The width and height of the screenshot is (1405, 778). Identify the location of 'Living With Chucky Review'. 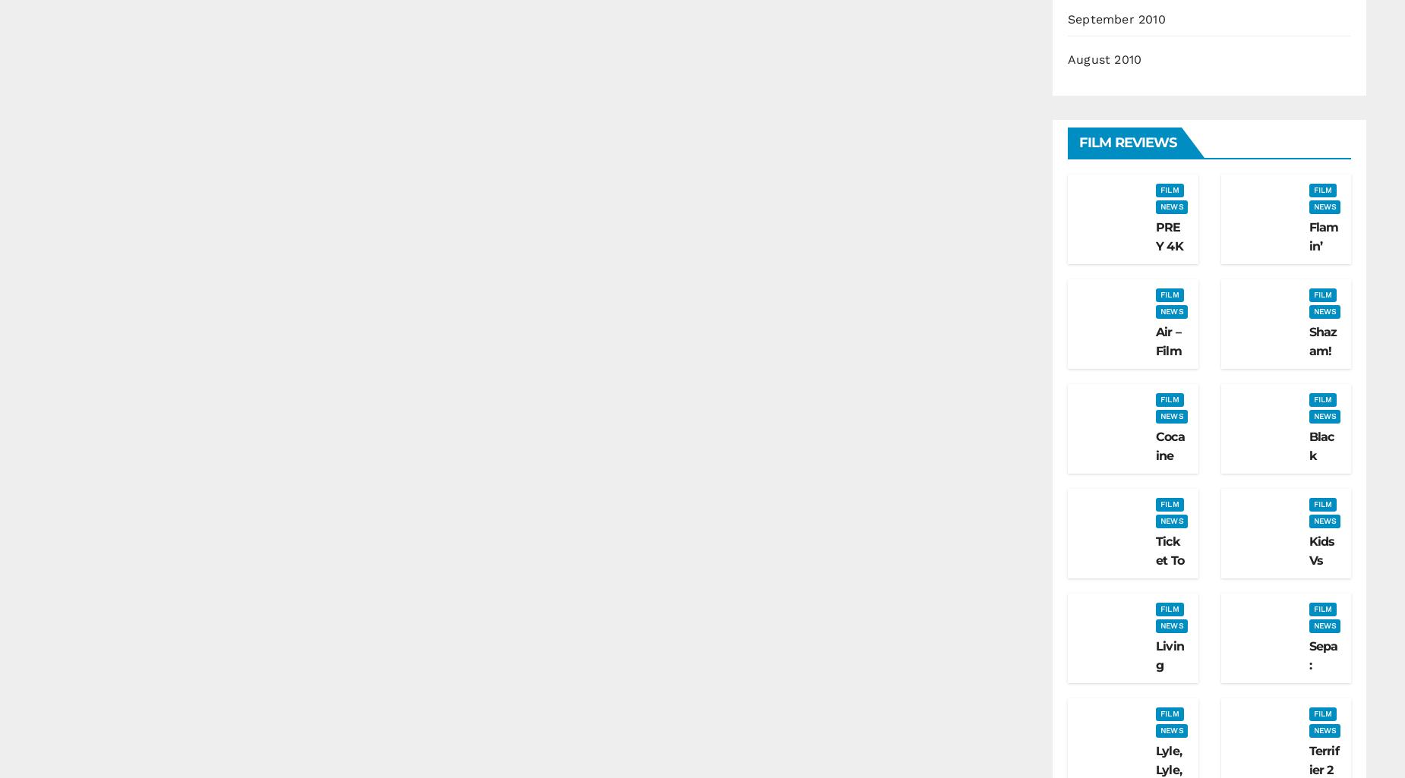
(1170, 702).